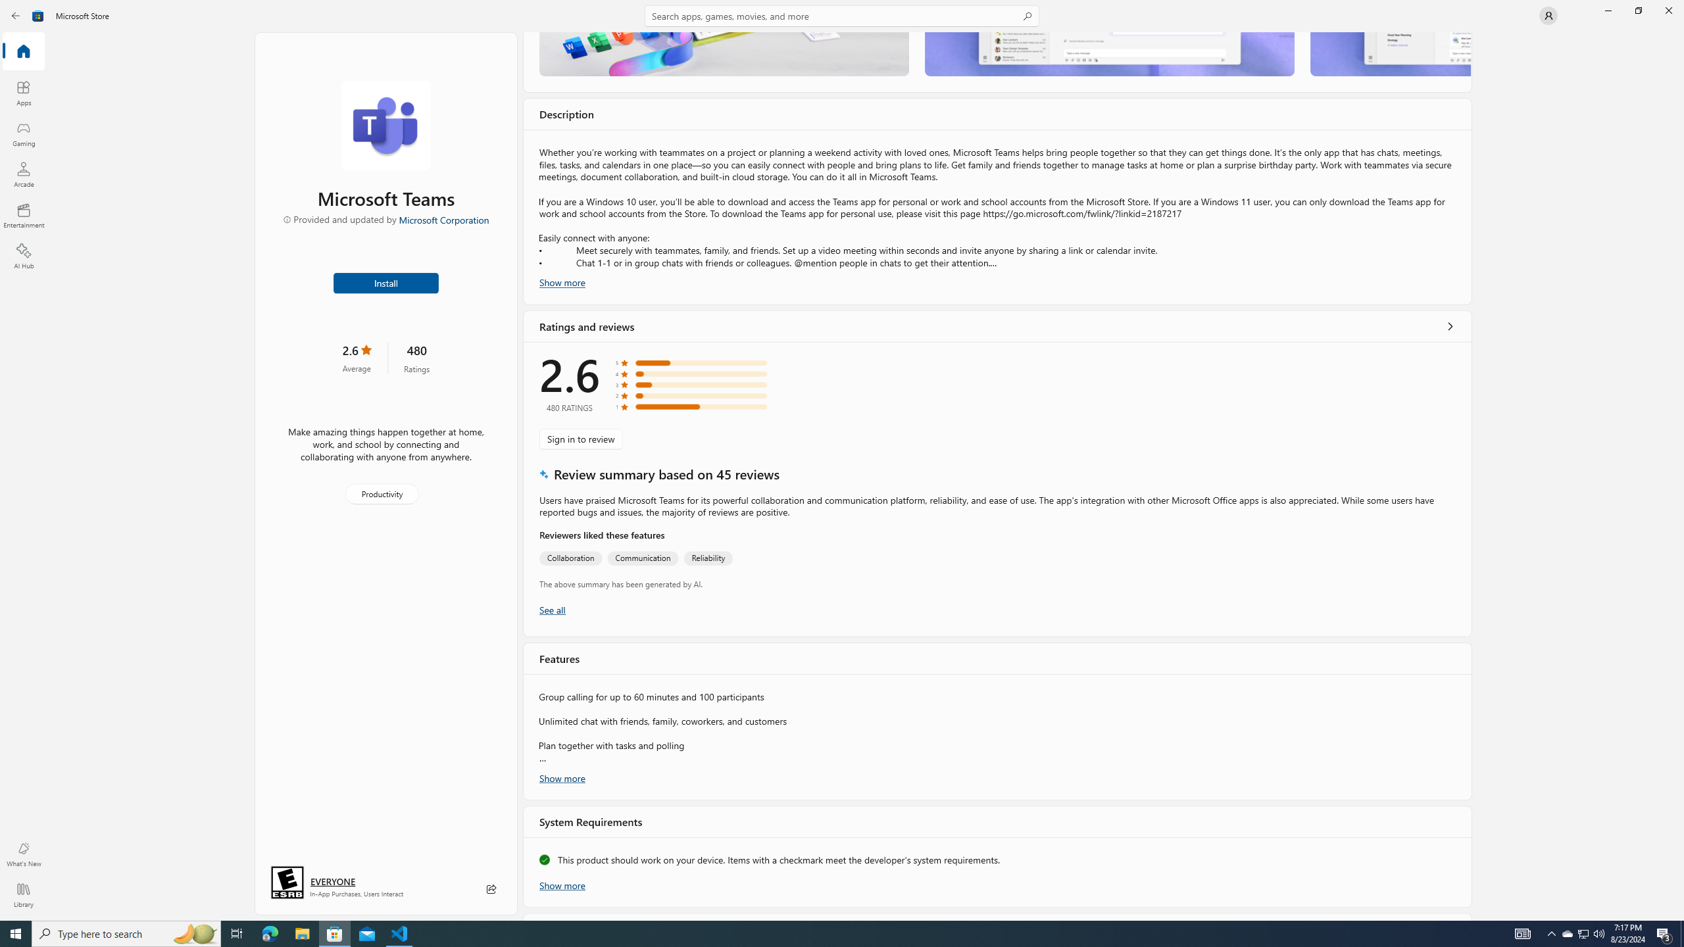  Describe the element at coordinates (1638, 10) in the screenshot. I see `'Restore Microsoft Store'` at that location.